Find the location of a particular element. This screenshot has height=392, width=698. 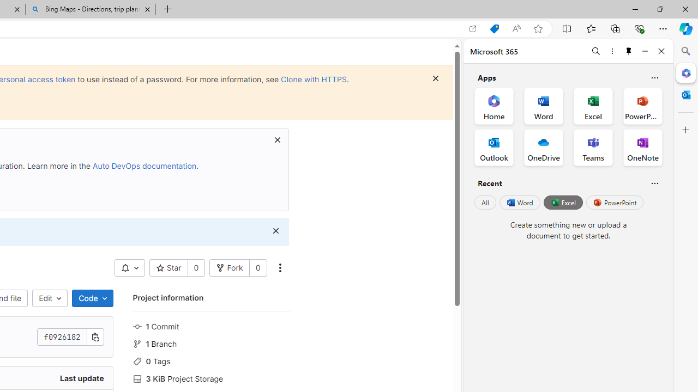

'Copilot (Ctrl+Shift+.)' is located at coordinates (685, 28).